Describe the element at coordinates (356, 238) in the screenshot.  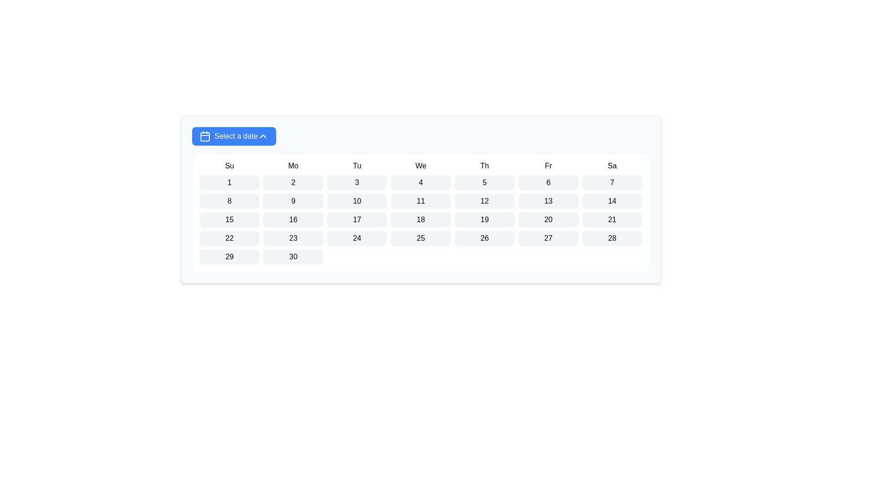
I see `the rectangular button displaying the number '24' in black text against a light gray background to change its background color to light blue` at that location.